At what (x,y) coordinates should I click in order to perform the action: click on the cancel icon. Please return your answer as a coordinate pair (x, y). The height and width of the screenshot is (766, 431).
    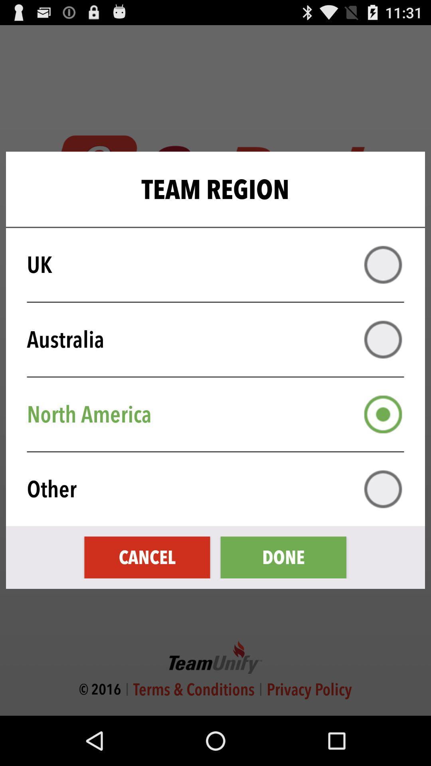
    Looking at the image, I should click on (147, 557).